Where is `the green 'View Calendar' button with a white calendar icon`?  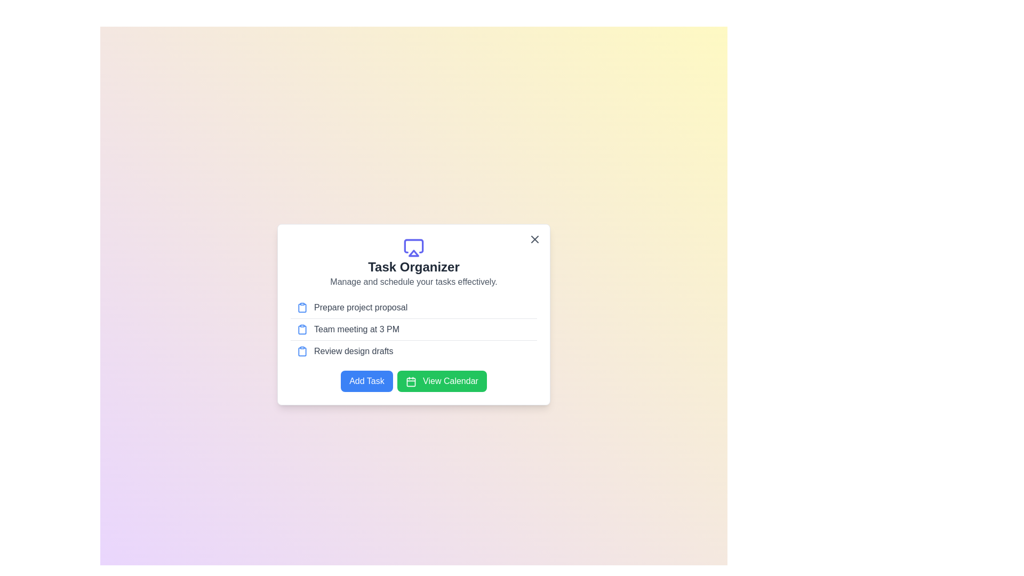 the green 'View Calendar' button with a white calendar icon is located at coordinates (442, 380).